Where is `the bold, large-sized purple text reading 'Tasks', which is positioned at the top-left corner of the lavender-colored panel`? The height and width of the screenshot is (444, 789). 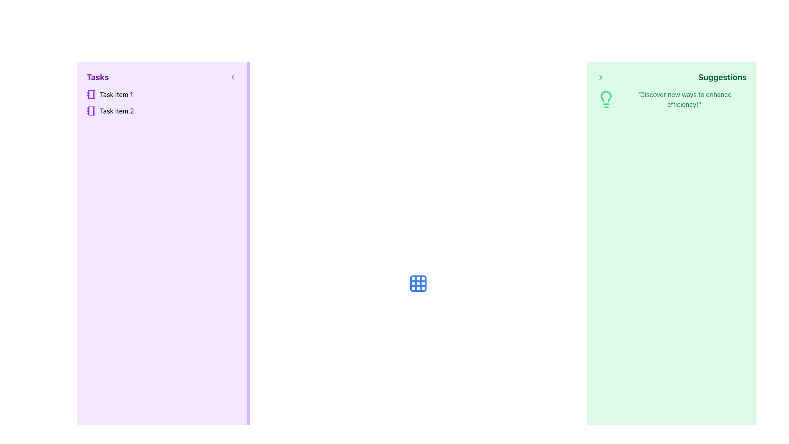
the bold, large-sized purple text reading 'Tasks', which is positioned at the top-left corner of the lavender-colored panel is located at coordinates (97, 77).